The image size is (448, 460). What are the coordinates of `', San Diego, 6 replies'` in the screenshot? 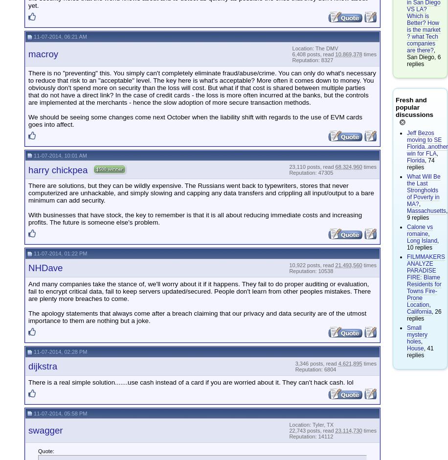 It's located at (423, 56).